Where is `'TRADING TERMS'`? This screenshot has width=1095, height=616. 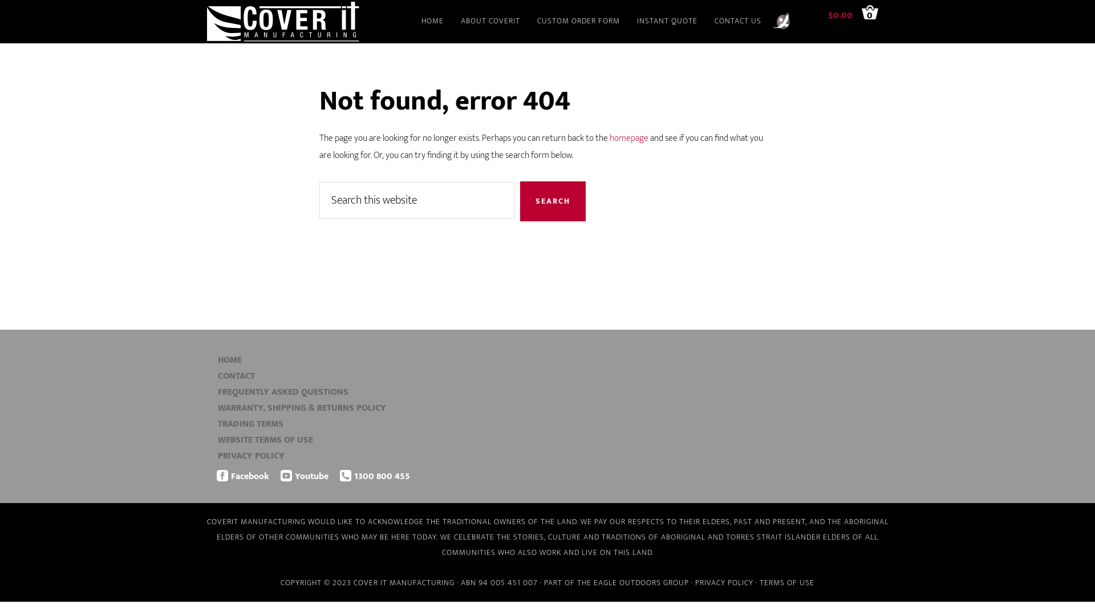
'TRADING TERMS' is located at coordinates (250, 424).